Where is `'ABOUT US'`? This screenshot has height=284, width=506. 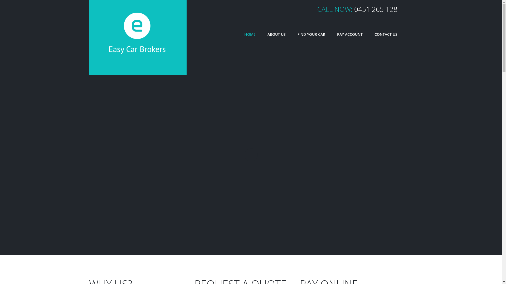 'ABOUT US' is located at coordinates (276, 34).